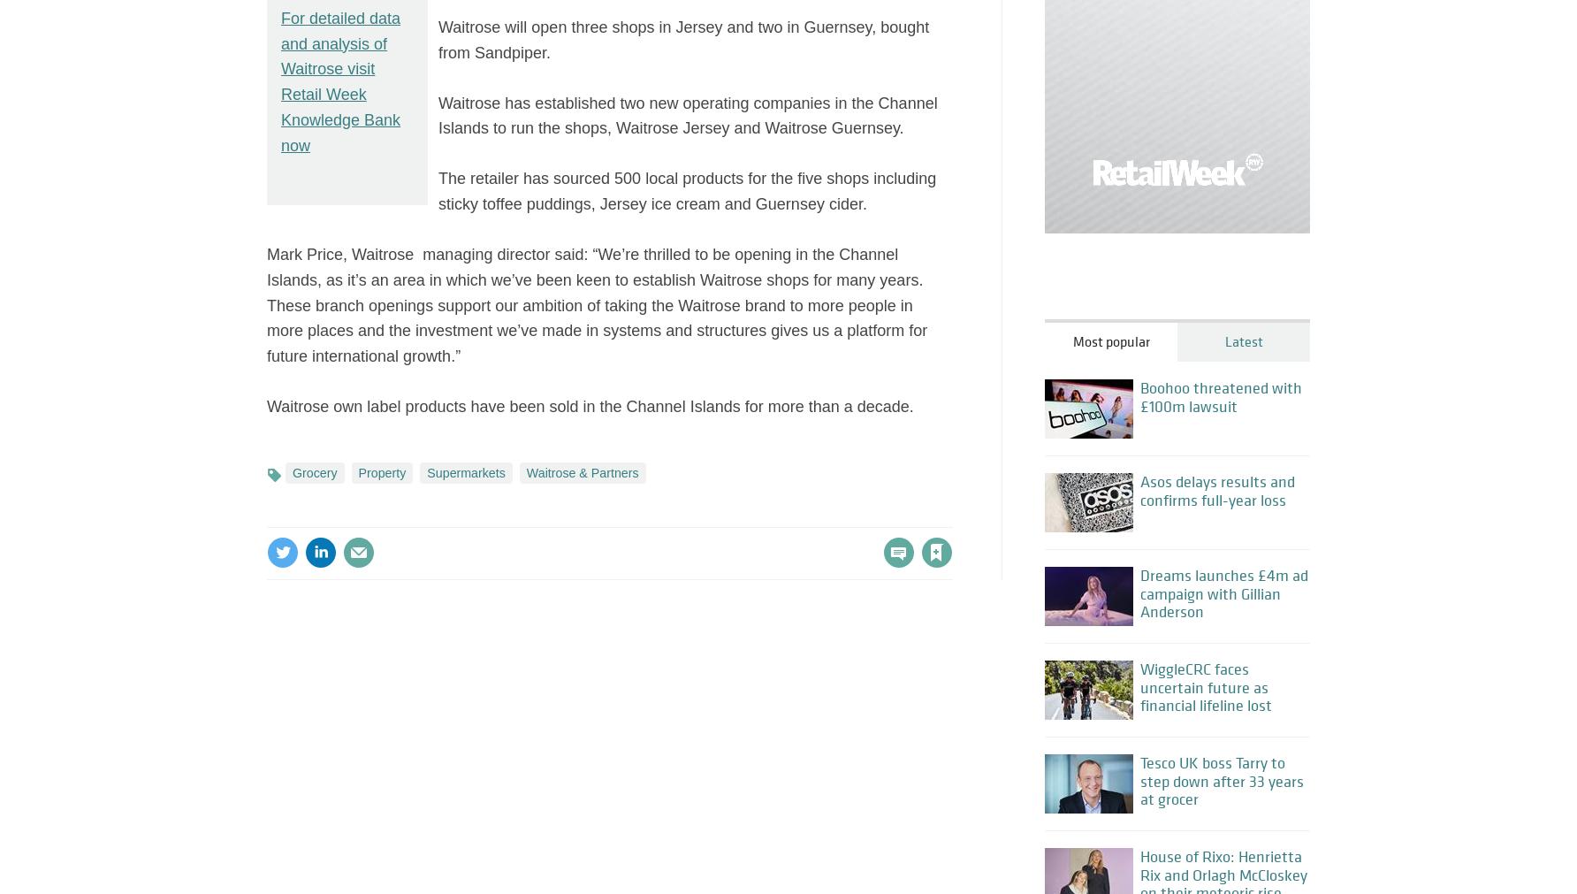 Image resolution: width=1577 pixels, height=894 pixels. What do you see at coordinates (465, 472) in the screenshot?
I see `'Supermarkets'` at bounding box center [465, 472].